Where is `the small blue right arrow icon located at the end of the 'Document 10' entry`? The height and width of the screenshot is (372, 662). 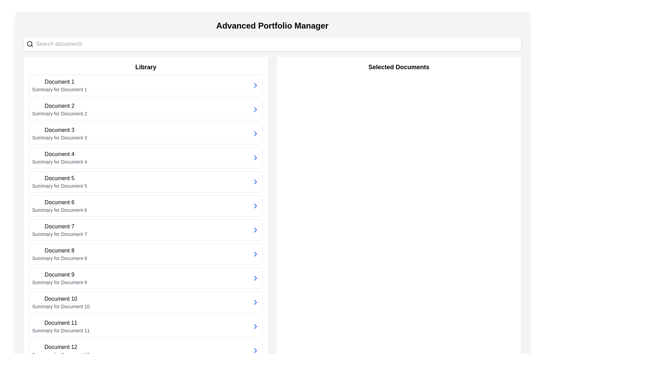
the small blue right arrow icon located at the end of the 'Document 10' entry is located at coordinates (255, 302).